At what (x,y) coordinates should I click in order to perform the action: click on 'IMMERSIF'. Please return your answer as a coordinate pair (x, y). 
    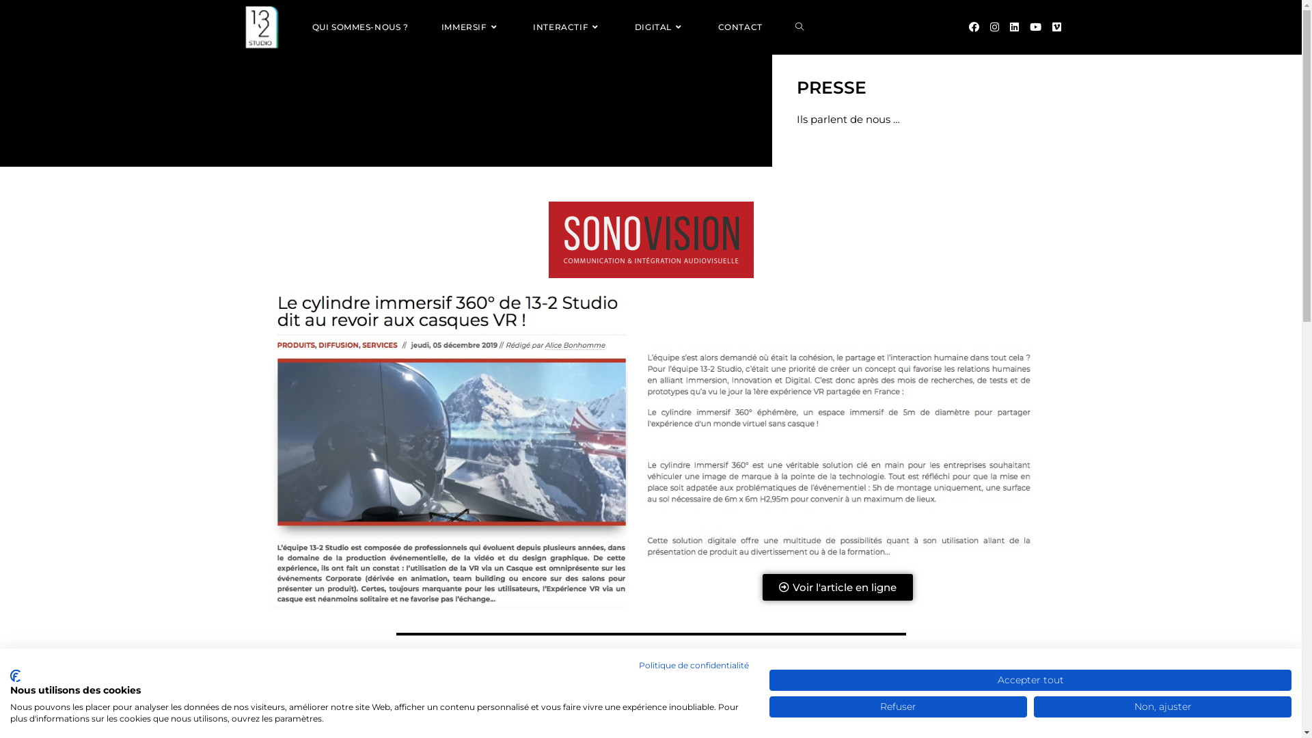
    Looking at the image, I should click on (471, 27).